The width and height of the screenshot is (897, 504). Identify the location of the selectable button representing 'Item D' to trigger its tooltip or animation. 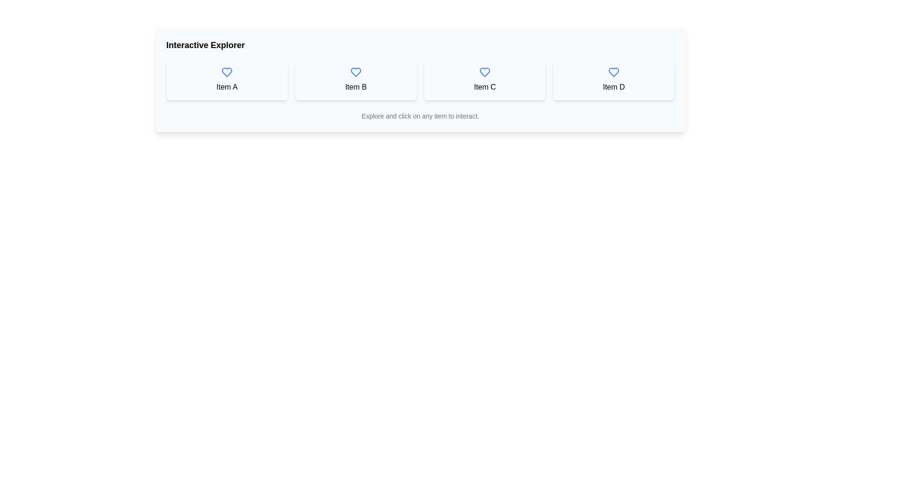
(614, 79).